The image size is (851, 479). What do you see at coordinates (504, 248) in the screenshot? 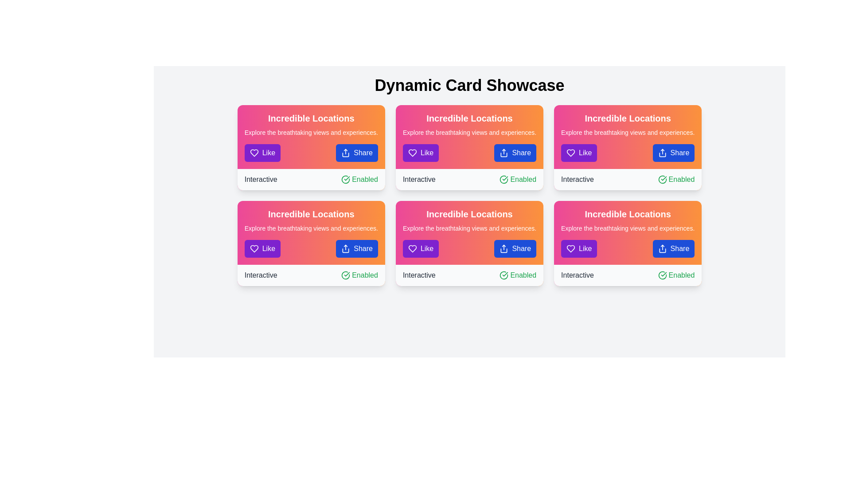
I see `the 'Share' icon, which is styled with a blue background and white outline, located in the second card of the second row of the grid layout` at bounding box center [504, 248].